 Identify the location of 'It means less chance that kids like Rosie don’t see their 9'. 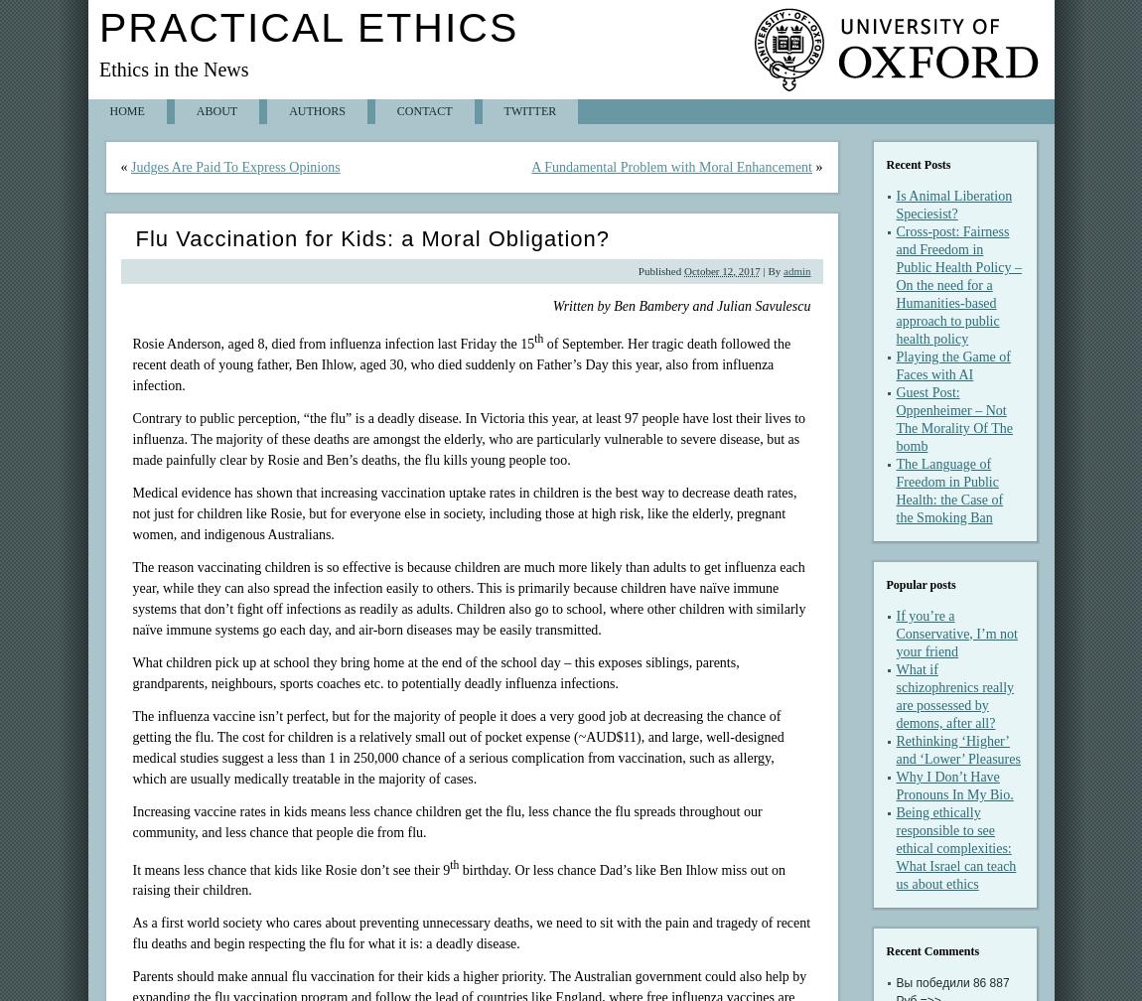
(131, 869).